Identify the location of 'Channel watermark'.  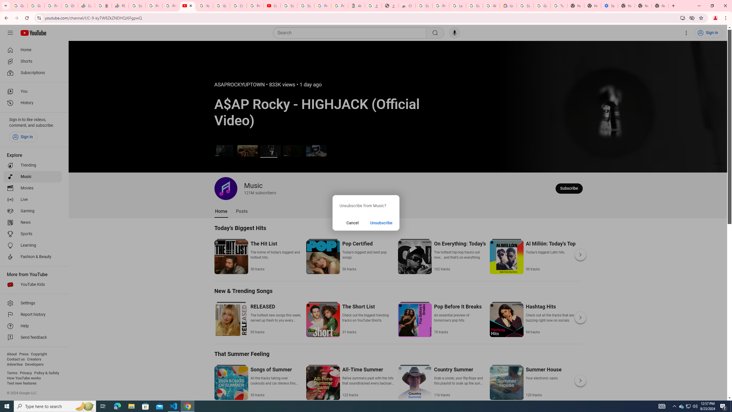
(718, 163).